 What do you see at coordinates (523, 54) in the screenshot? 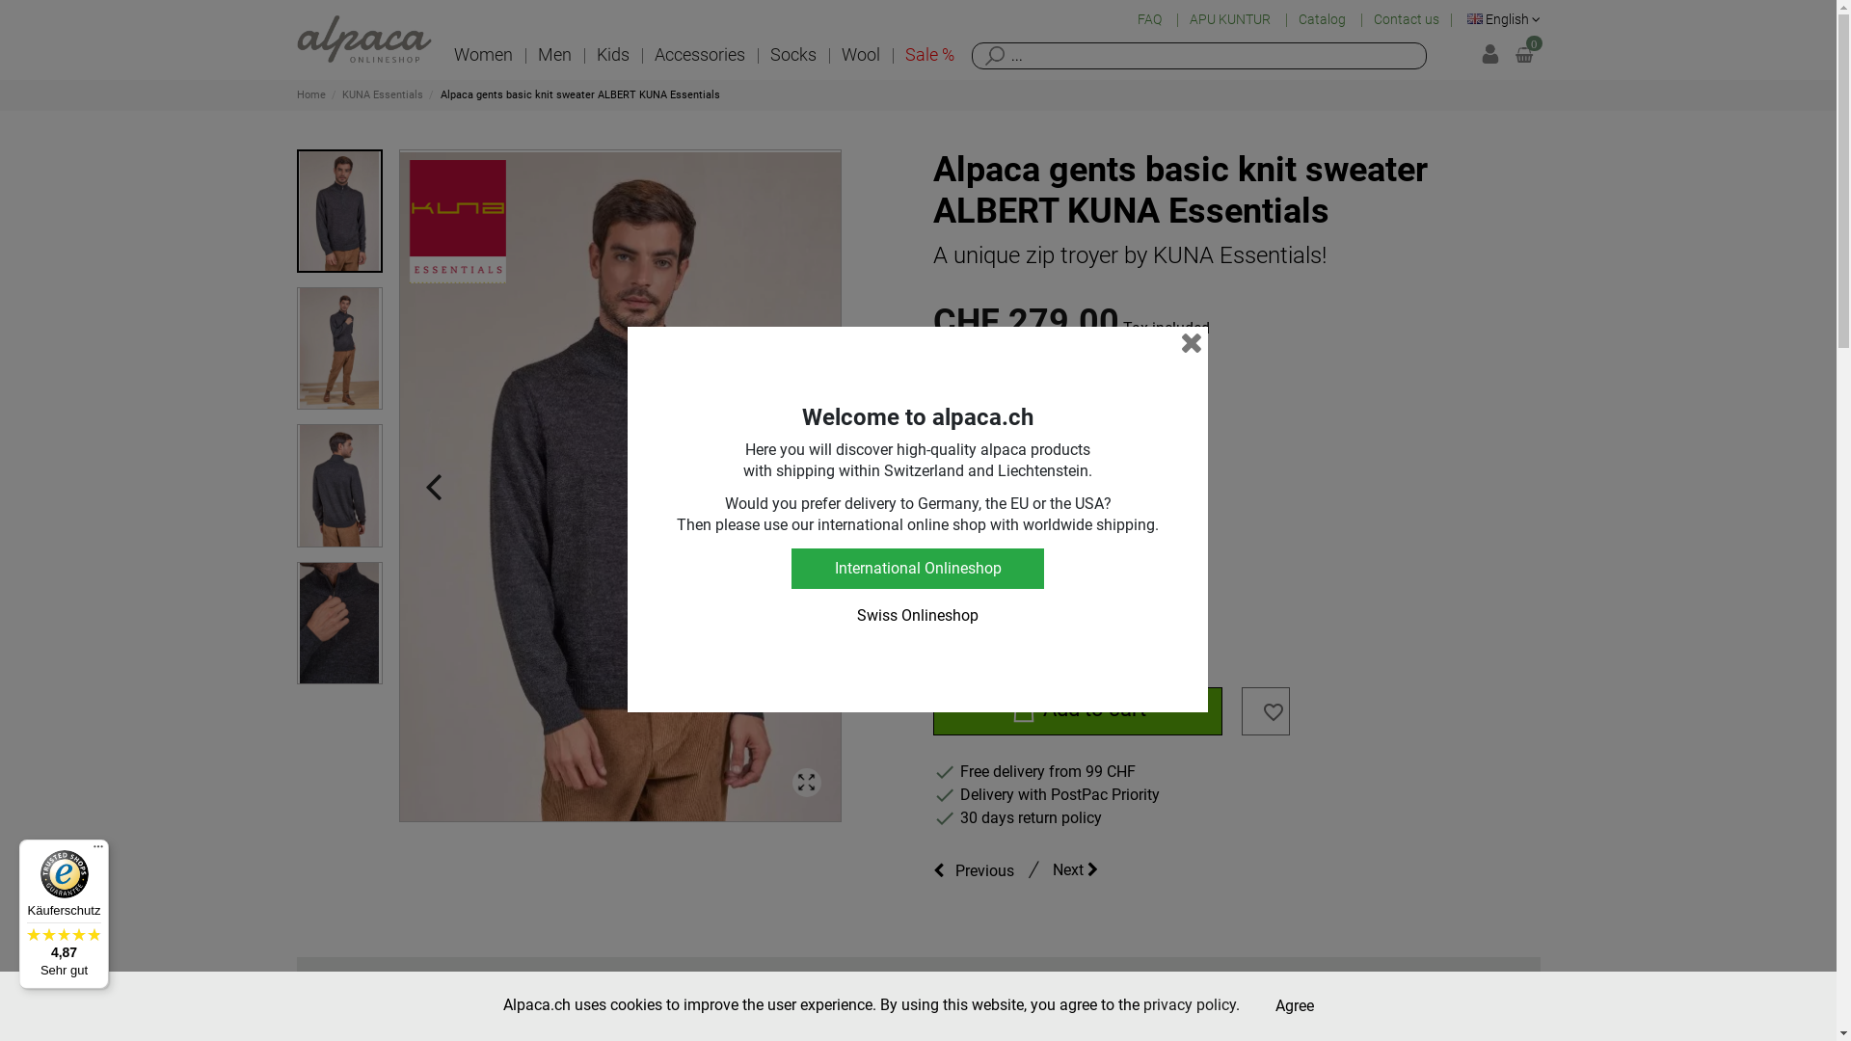
I see `'Men'` at bounding box center [523, 54].